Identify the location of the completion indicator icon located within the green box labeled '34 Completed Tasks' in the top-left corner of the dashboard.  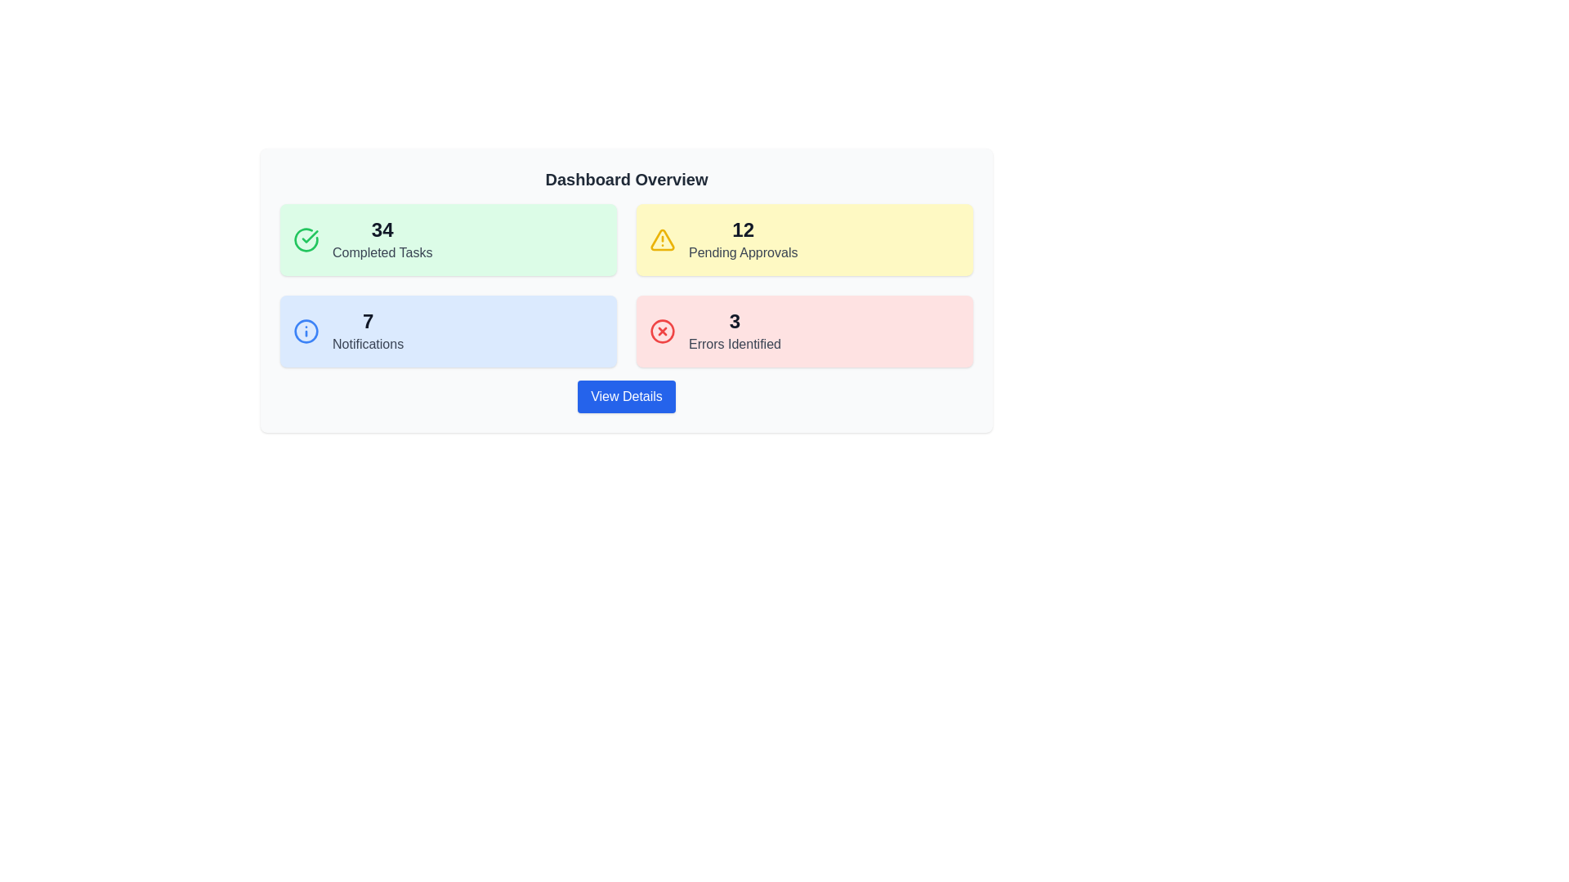
(306, 239).